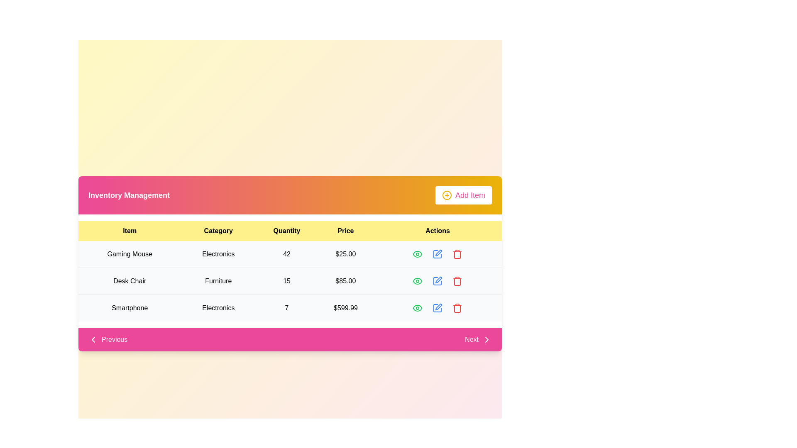 The height and width of the screenshot is (448, 797). What do you see at coordinates (287, 254) in the screenshot?
I see `the text label displaying the number '42' in bold black font located in the 'Quantity' column of the data row for the item 'Gaming Mouse'` at bounding box center [287, 254].